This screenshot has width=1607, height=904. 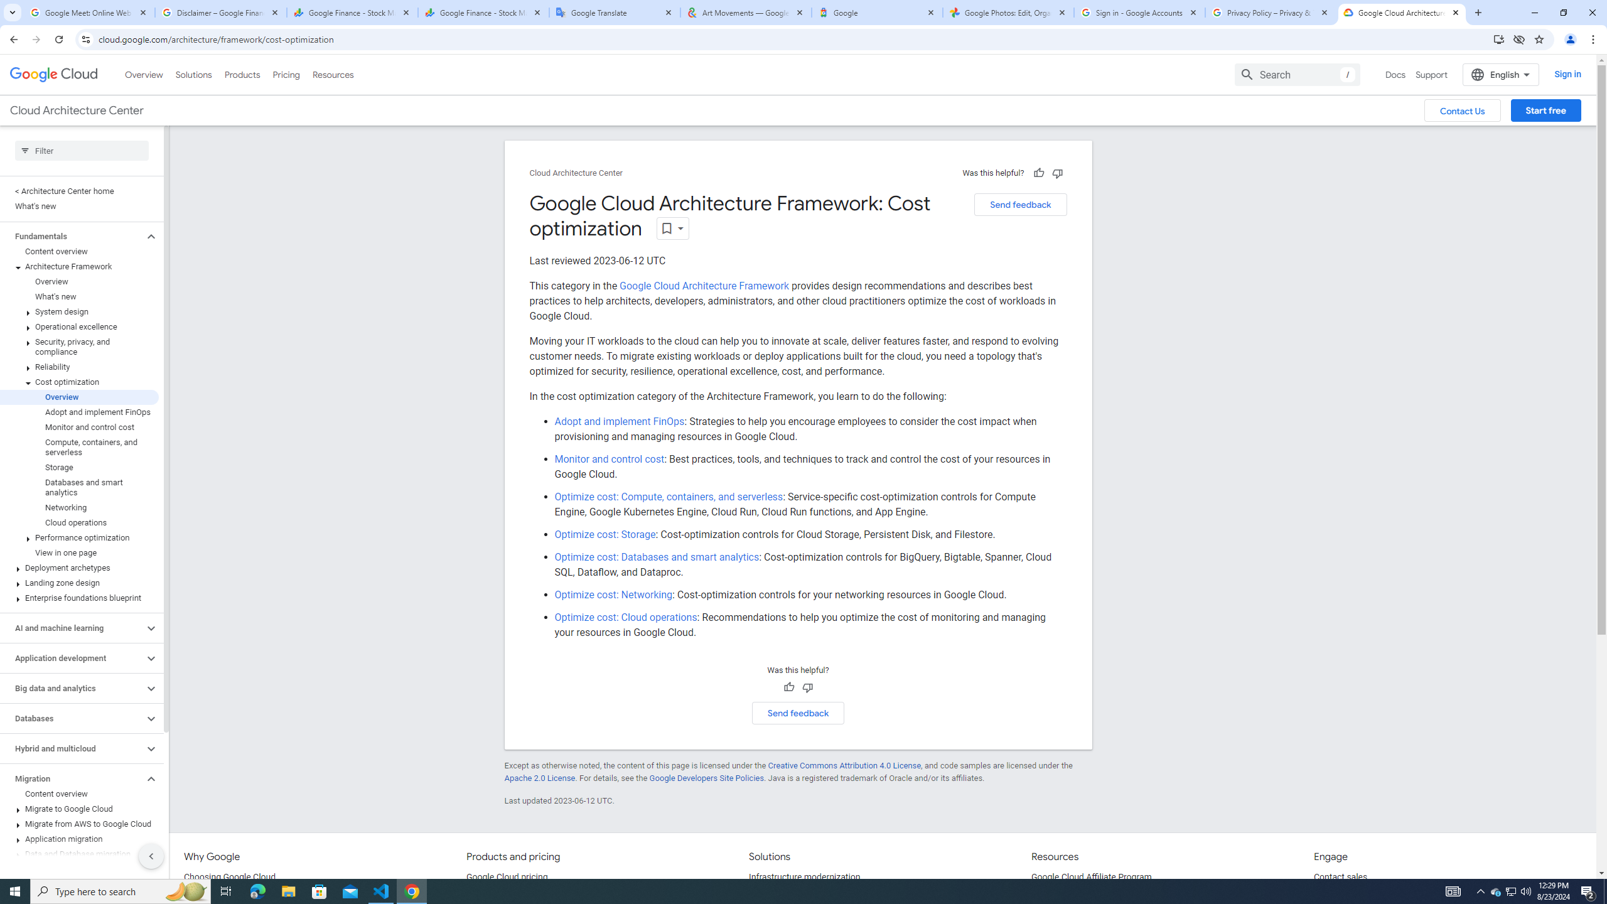 What do you see at coordinates (79, 266) in the screenshot?
I see `'Architecture Framework'` at bounding box center [79, 266].